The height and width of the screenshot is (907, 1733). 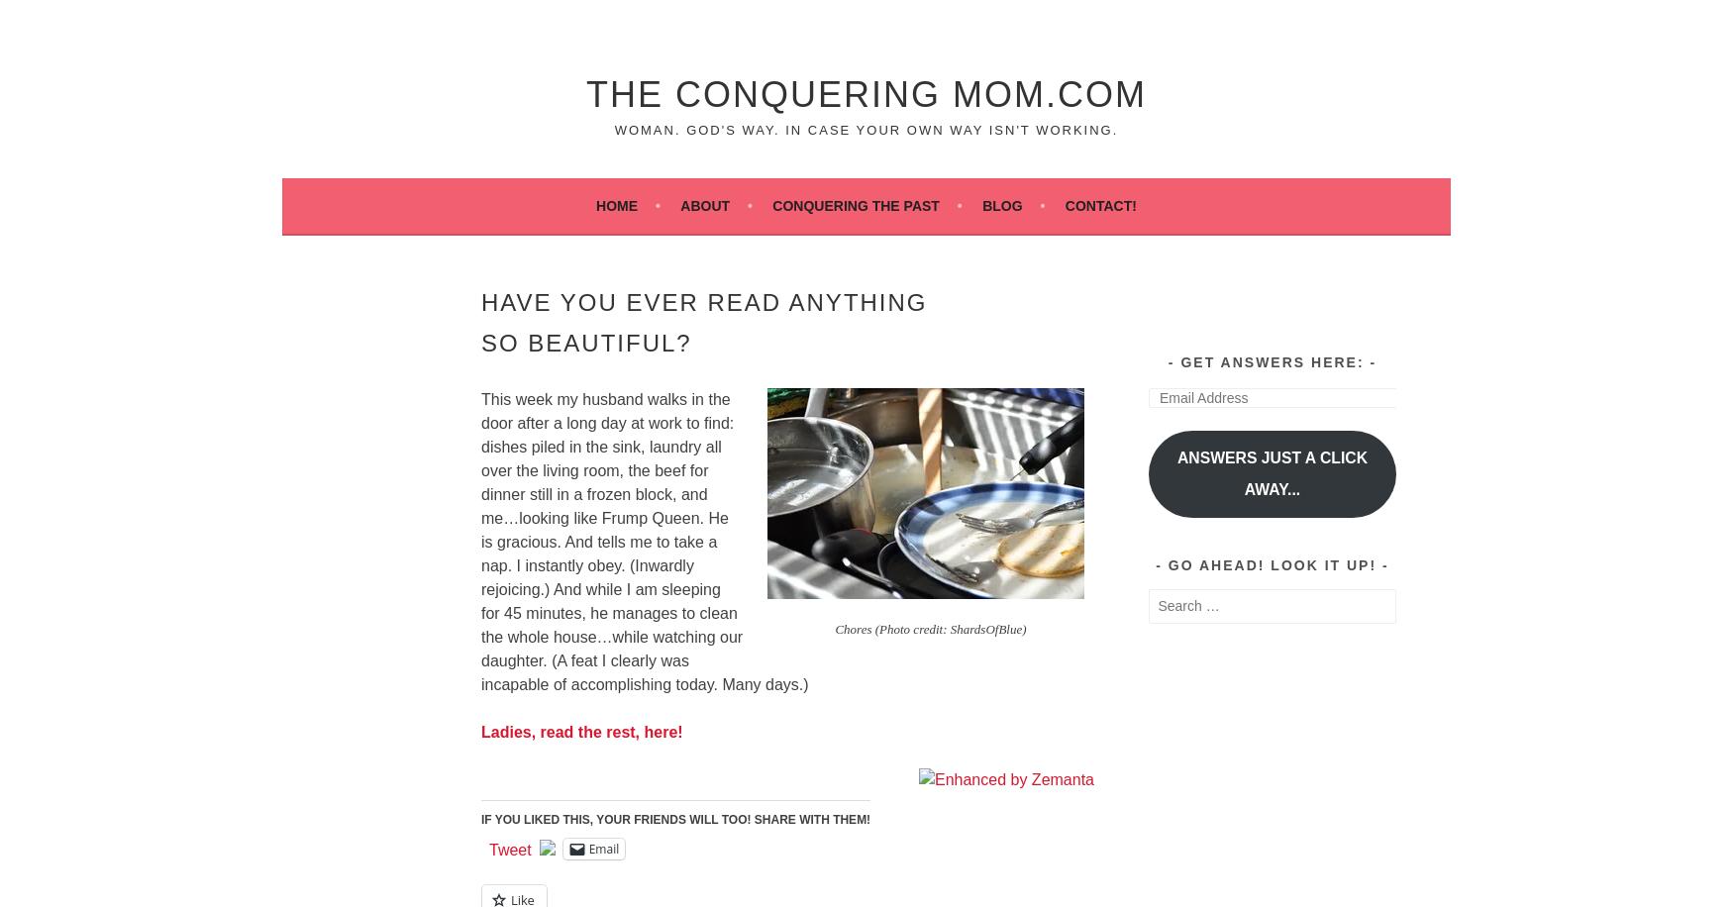 I want to click on 'Have You Ever Read Anything So Beautiful?', so click(x=704, y=320).